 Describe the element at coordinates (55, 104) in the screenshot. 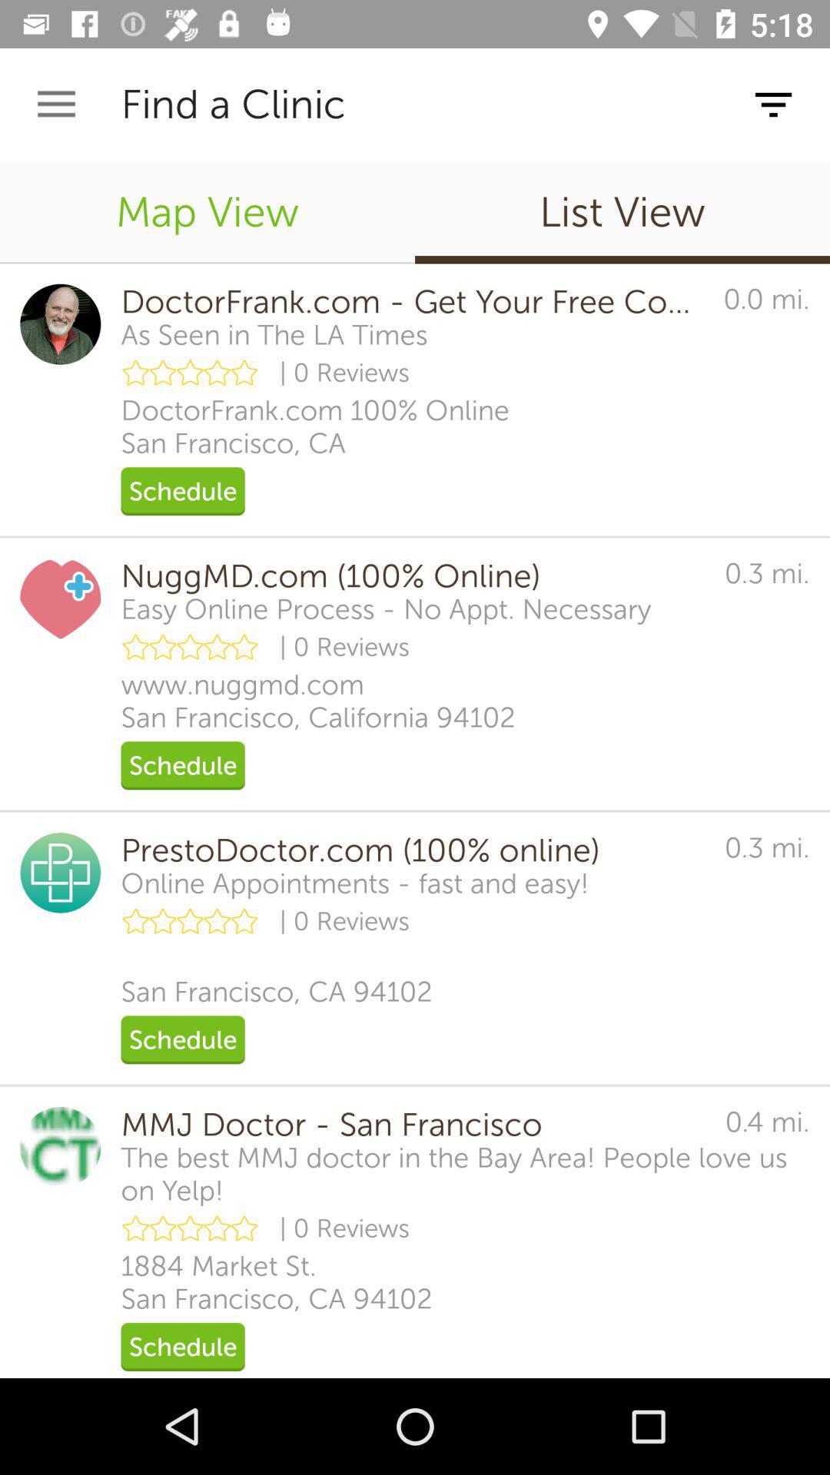

I see `the app to the left of find a clinic item` at that location.